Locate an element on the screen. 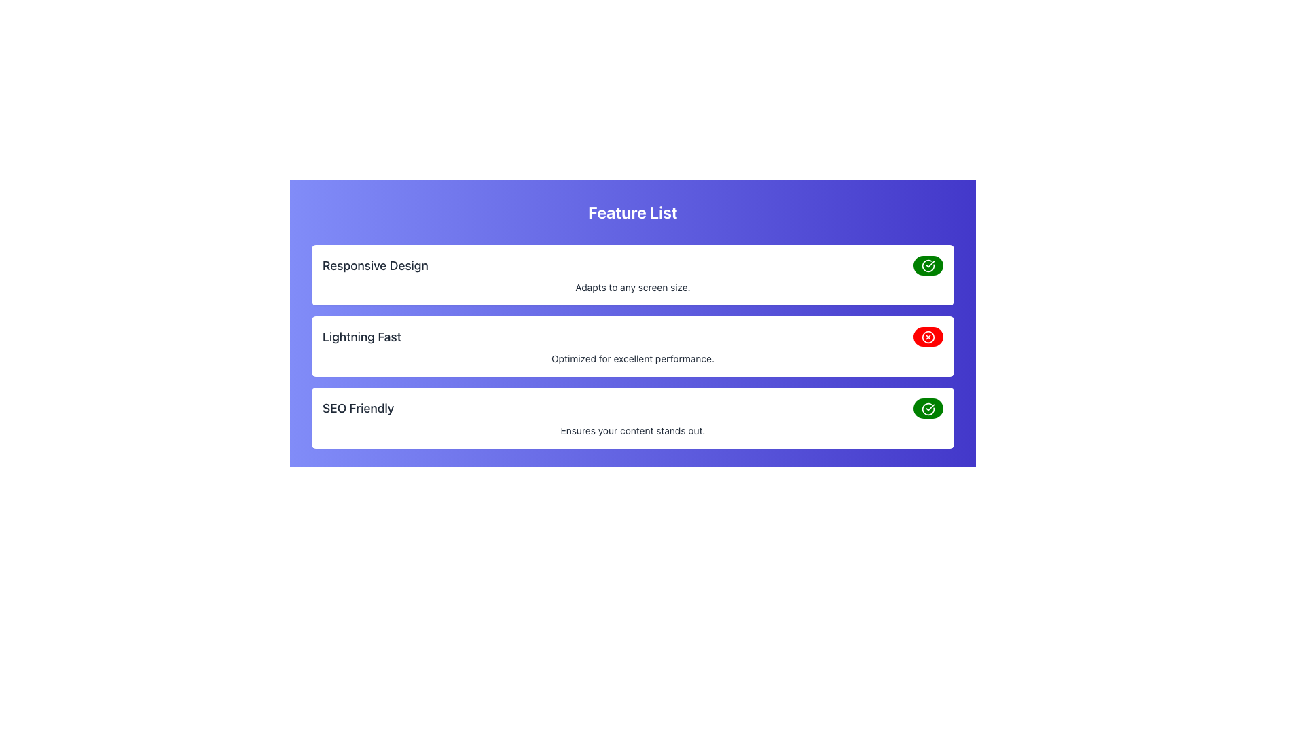 The image size is (1304, 733). heading text element that displays 'Feature List' in a bold, centered font on a gradient background from purple to indigo is located at coordinates (632, 212).